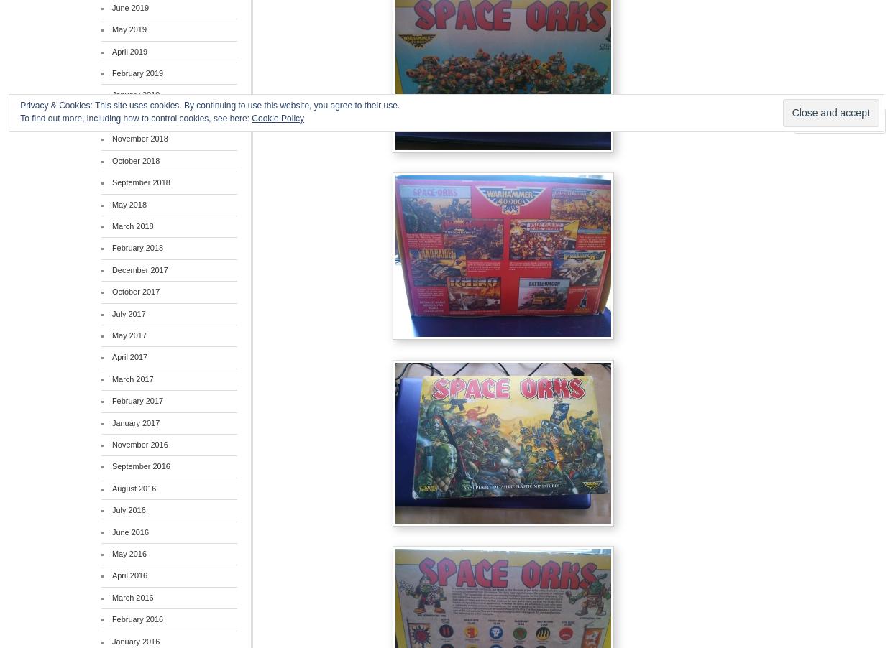 The height and width of the screenshot is (648, 893). Describe the element at coordinates (139, 115) in the screenshot. I see `'December 2018'` at that location.